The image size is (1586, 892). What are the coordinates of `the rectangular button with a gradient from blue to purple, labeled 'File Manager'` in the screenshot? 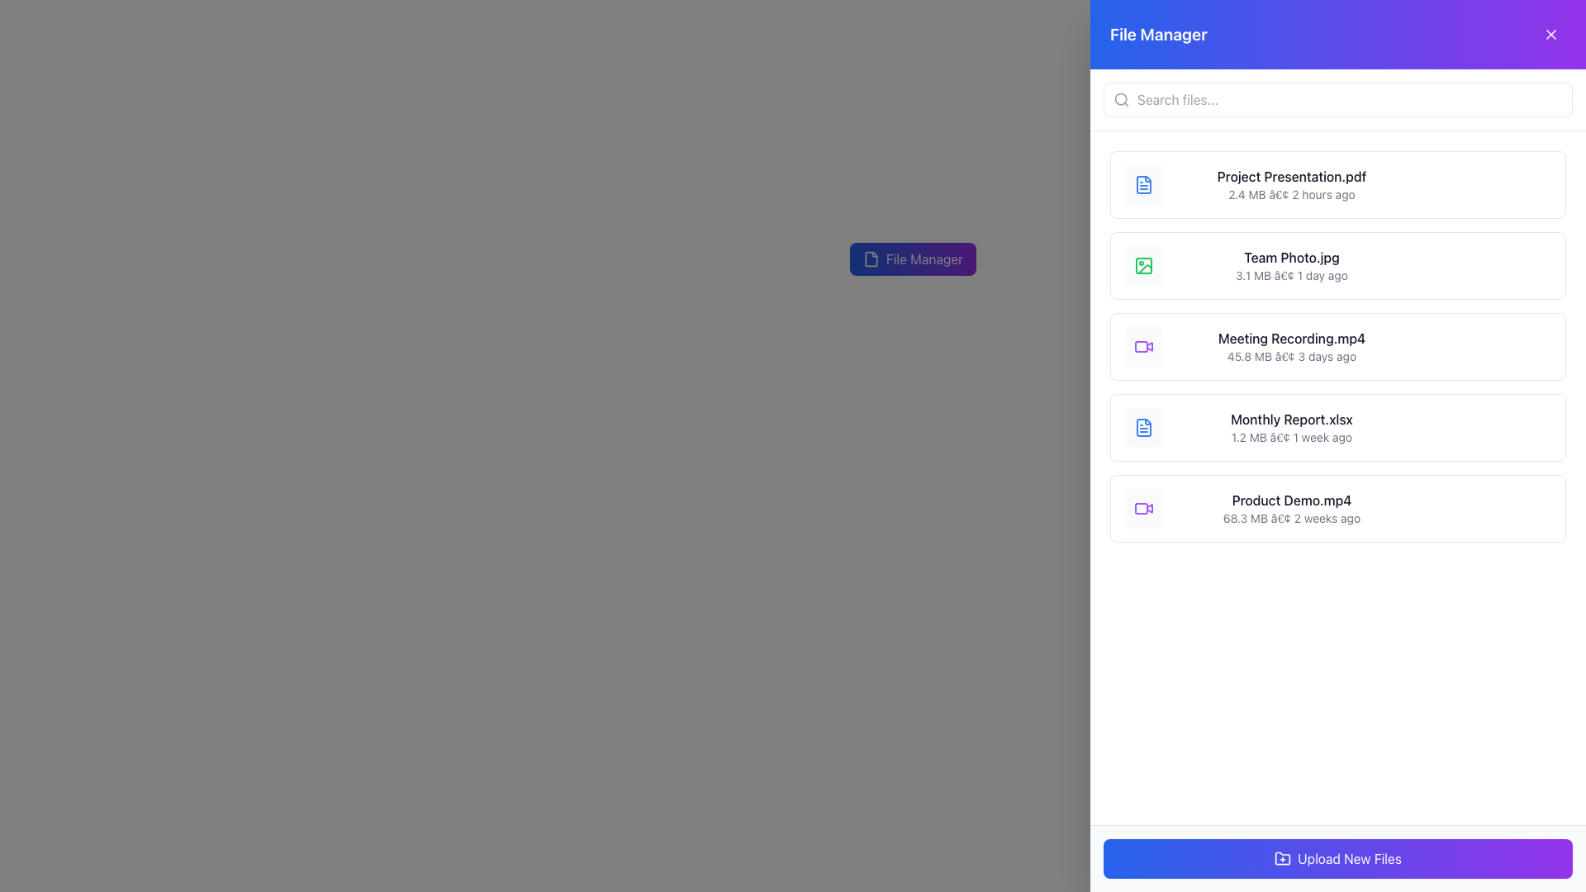 It's located at (912, 259).